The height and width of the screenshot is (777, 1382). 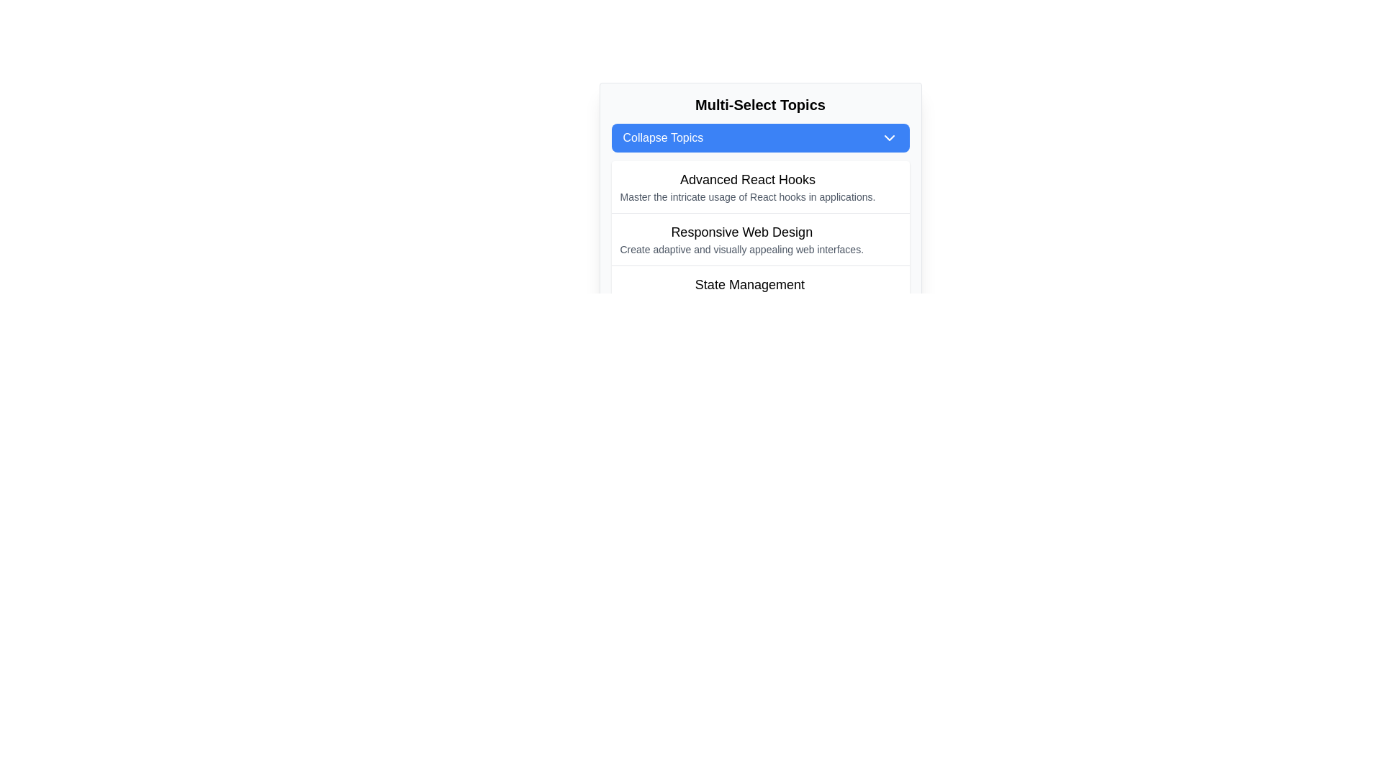 What do you see at coordinates (747, 179) in the screenshot?
I see `the Text Heading that introduces advanced usage of React hooks, positioned above the text 'Master the intricate usage of React hooks in applications.'` at bounding box center [747, 179].